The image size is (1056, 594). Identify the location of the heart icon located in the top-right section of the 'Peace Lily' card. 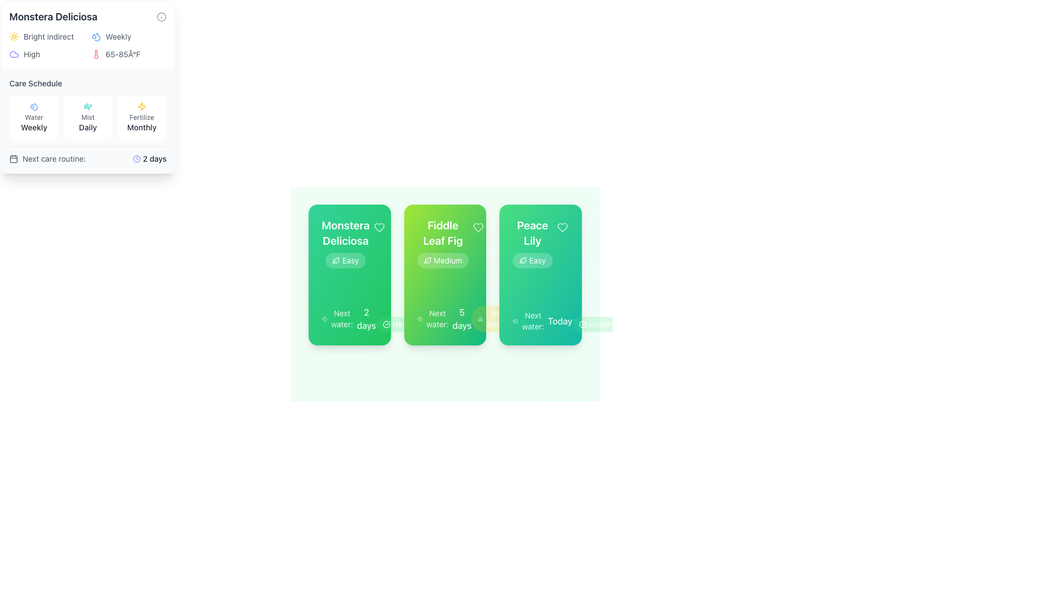
(562, 227).